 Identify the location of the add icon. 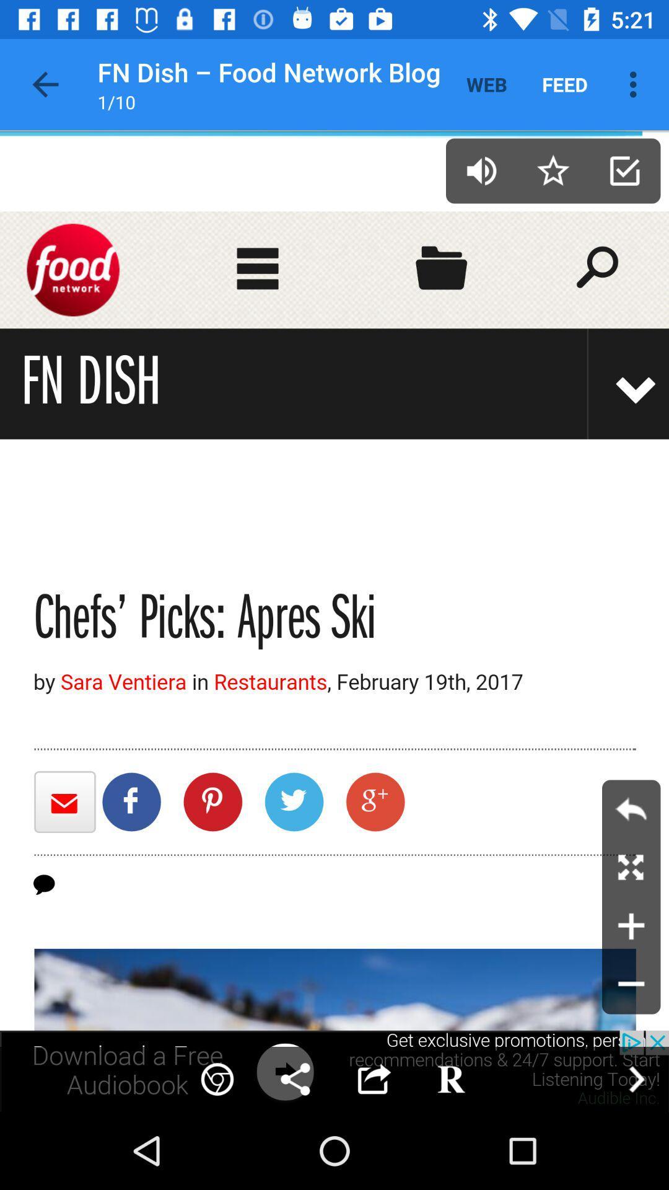
(631, 926).